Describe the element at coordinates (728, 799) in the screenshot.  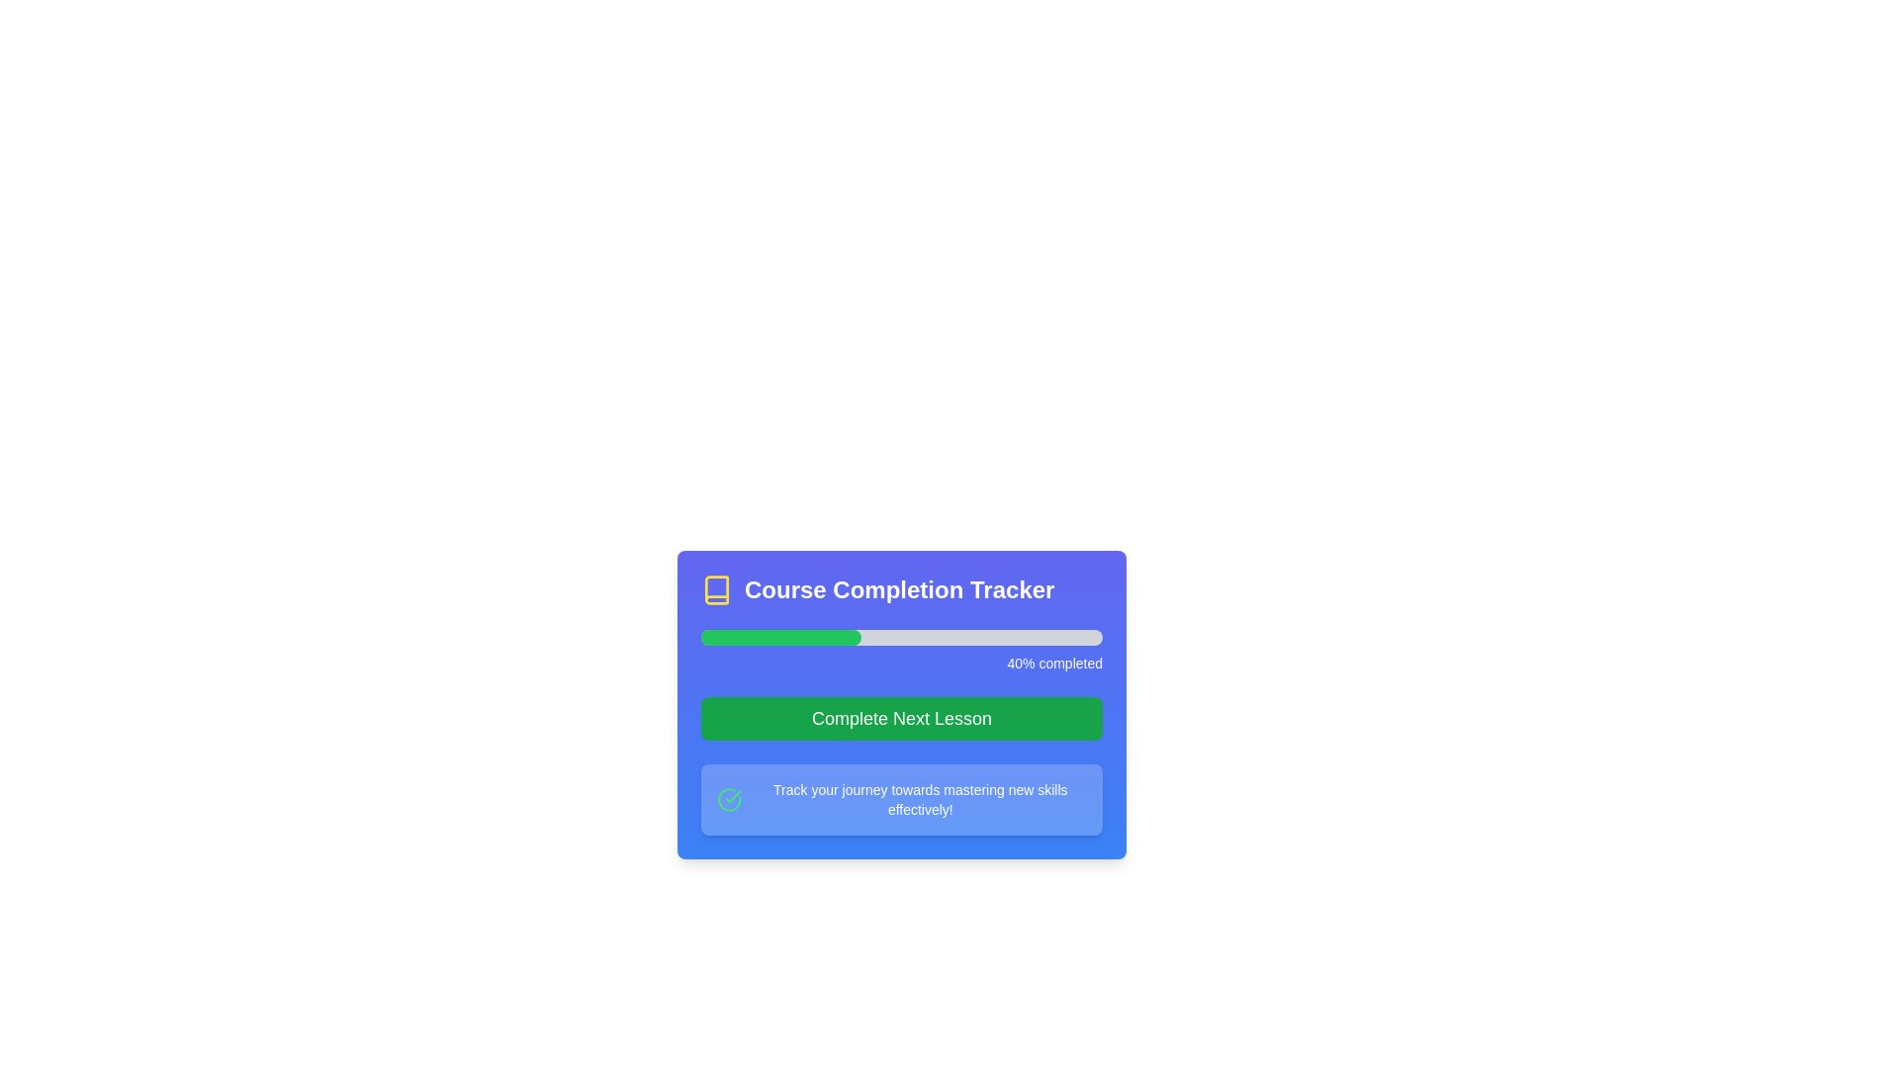
I see `the circular green icon with a check mark that symbolizes completion, located to the left of the text 'Track your journey towards mastering new skills effectively!' at the bottom of the card layout` at that location.